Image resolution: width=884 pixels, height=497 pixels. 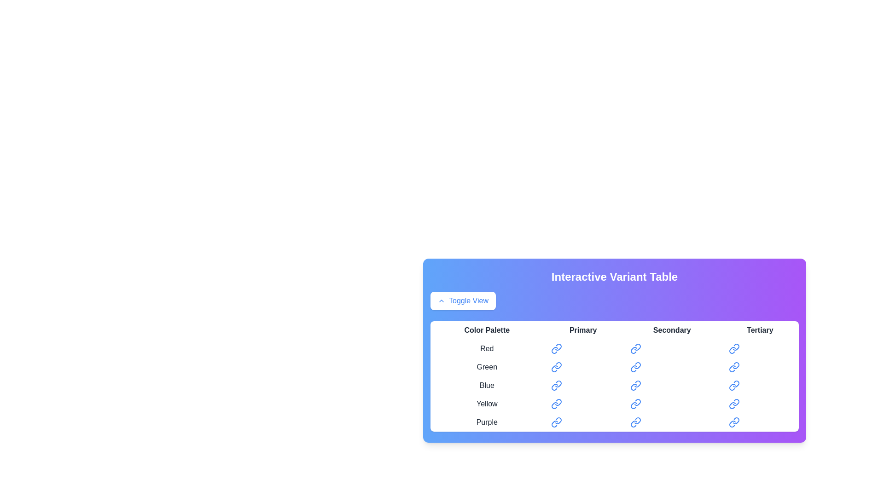 I want to click on the clickable link icon in the 'Interactive Variant Table' located in the 'Green' row under the 'Secondary' column, so click(x=635, y=367).